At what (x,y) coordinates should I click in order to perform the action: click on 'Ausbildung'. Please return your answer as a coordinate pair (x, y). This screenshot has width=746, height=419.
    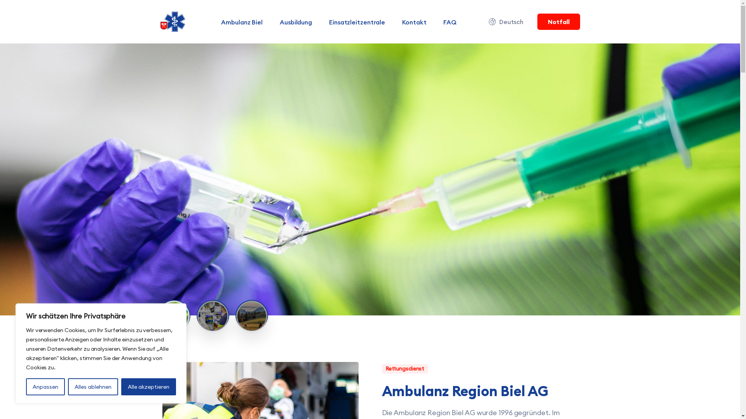
    Looking at the image, I should click on (295, 21).